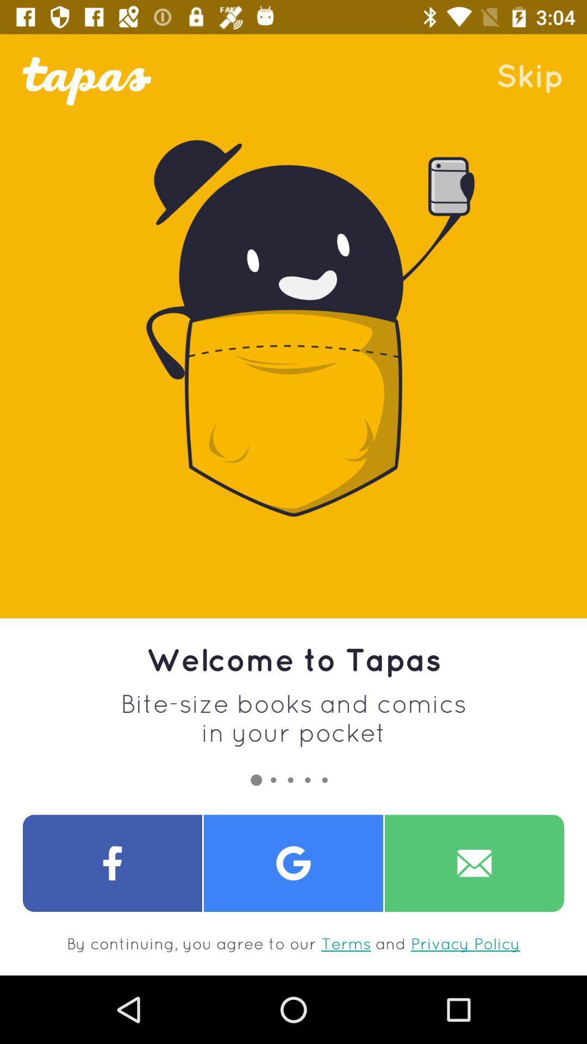  Describe the element at coordinates (473, 862) in the screenshot. I see `login by using email` at that location.